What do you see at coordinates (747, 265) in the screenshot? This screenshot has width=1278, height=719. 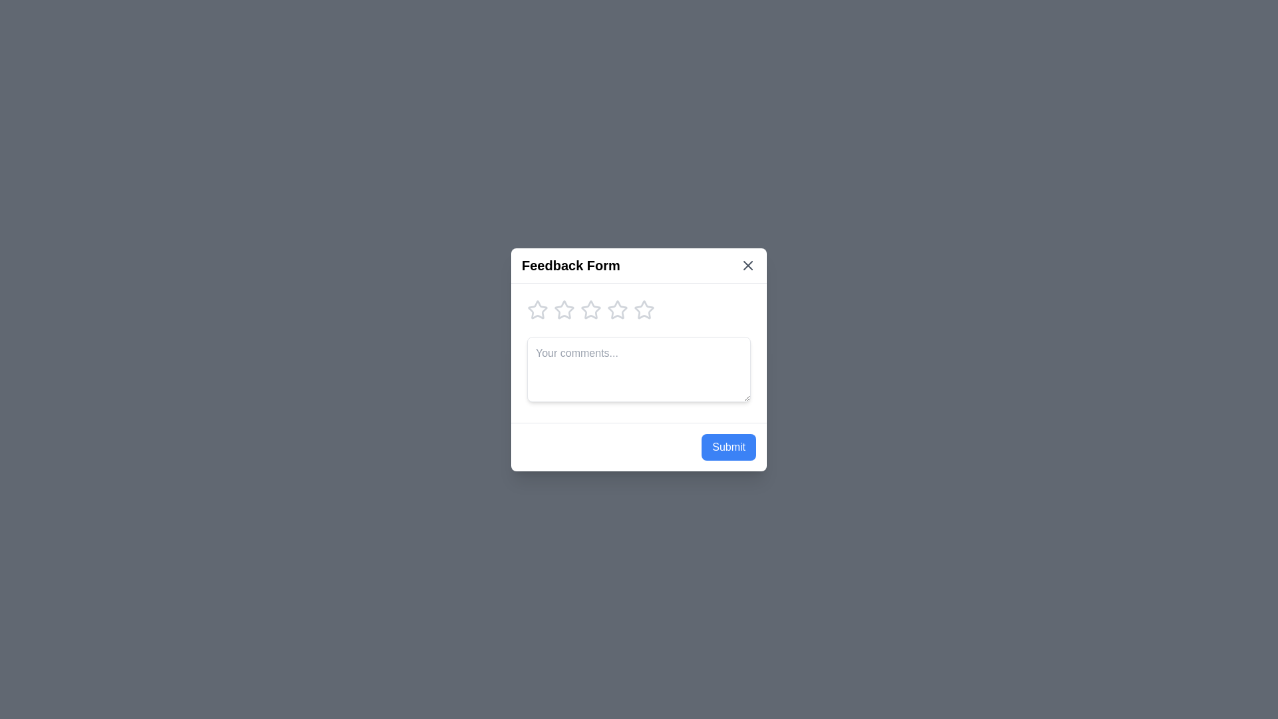 I see `the close button to close the dialog` at bounding box center [747, 265].